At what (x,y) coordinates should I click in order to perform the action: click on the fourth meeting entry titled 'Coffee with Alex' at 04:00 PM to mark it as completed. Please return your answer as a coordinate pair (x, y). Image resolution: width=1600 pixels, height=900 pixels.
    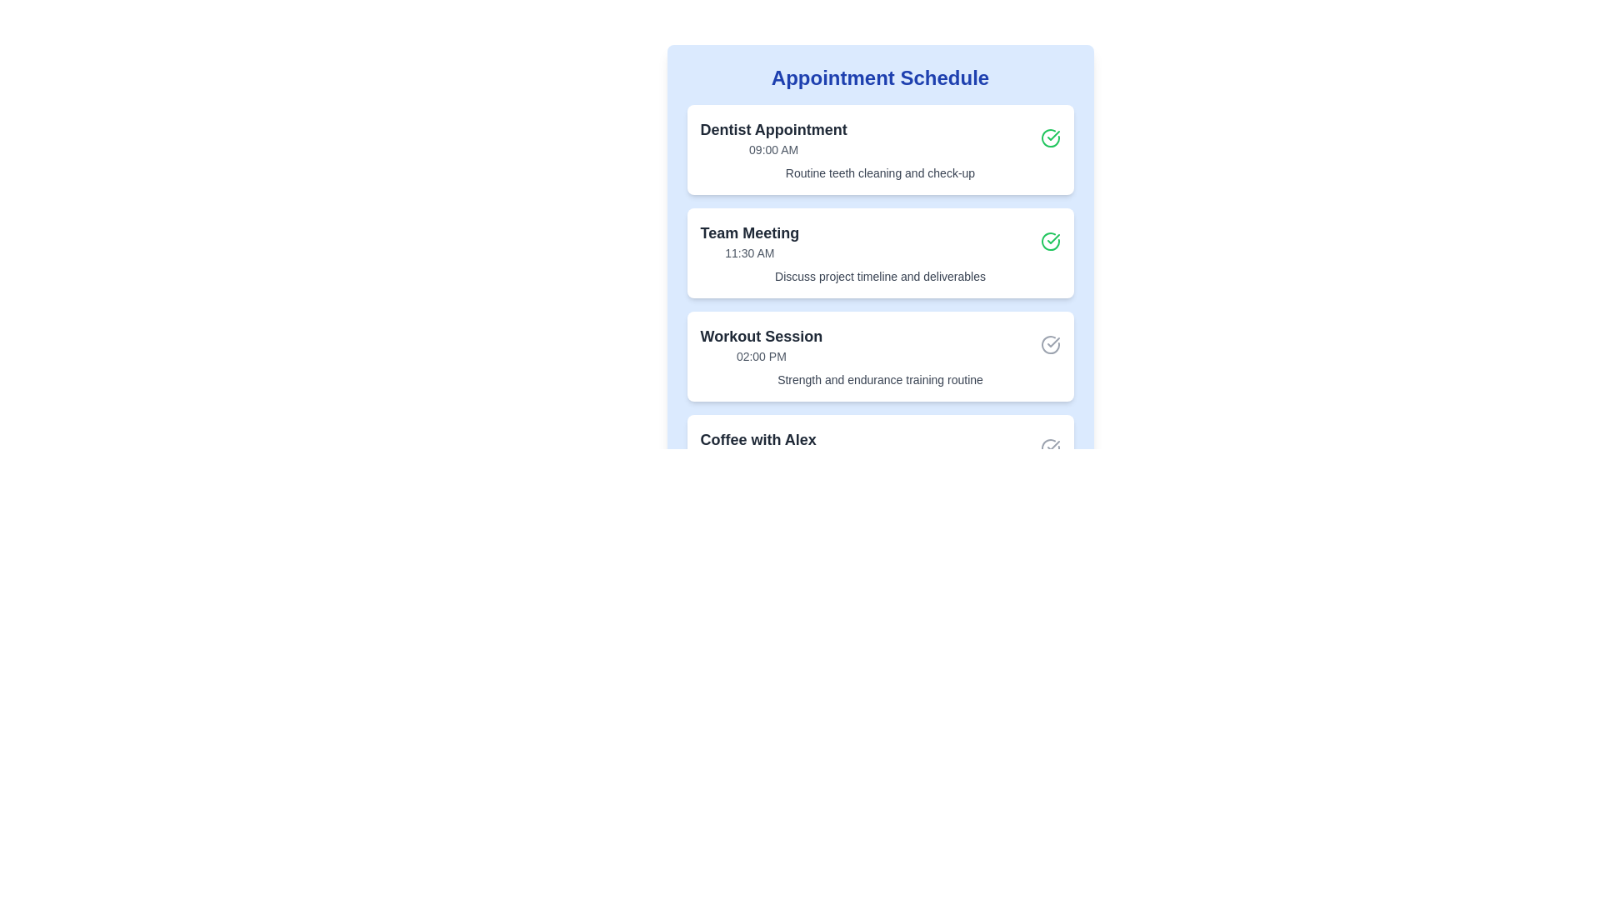
    Looking at the image, I should click on (879, 447).